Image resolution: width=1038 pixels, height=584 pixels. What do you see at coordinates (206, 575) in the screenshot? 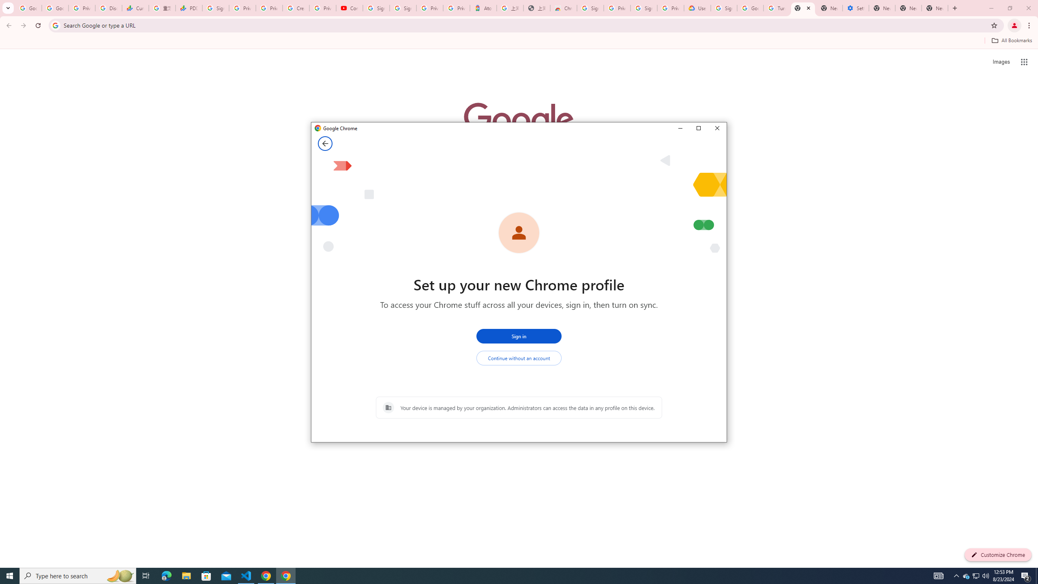
I see `'Microsoft Store'` at bounding box center [206, 575].